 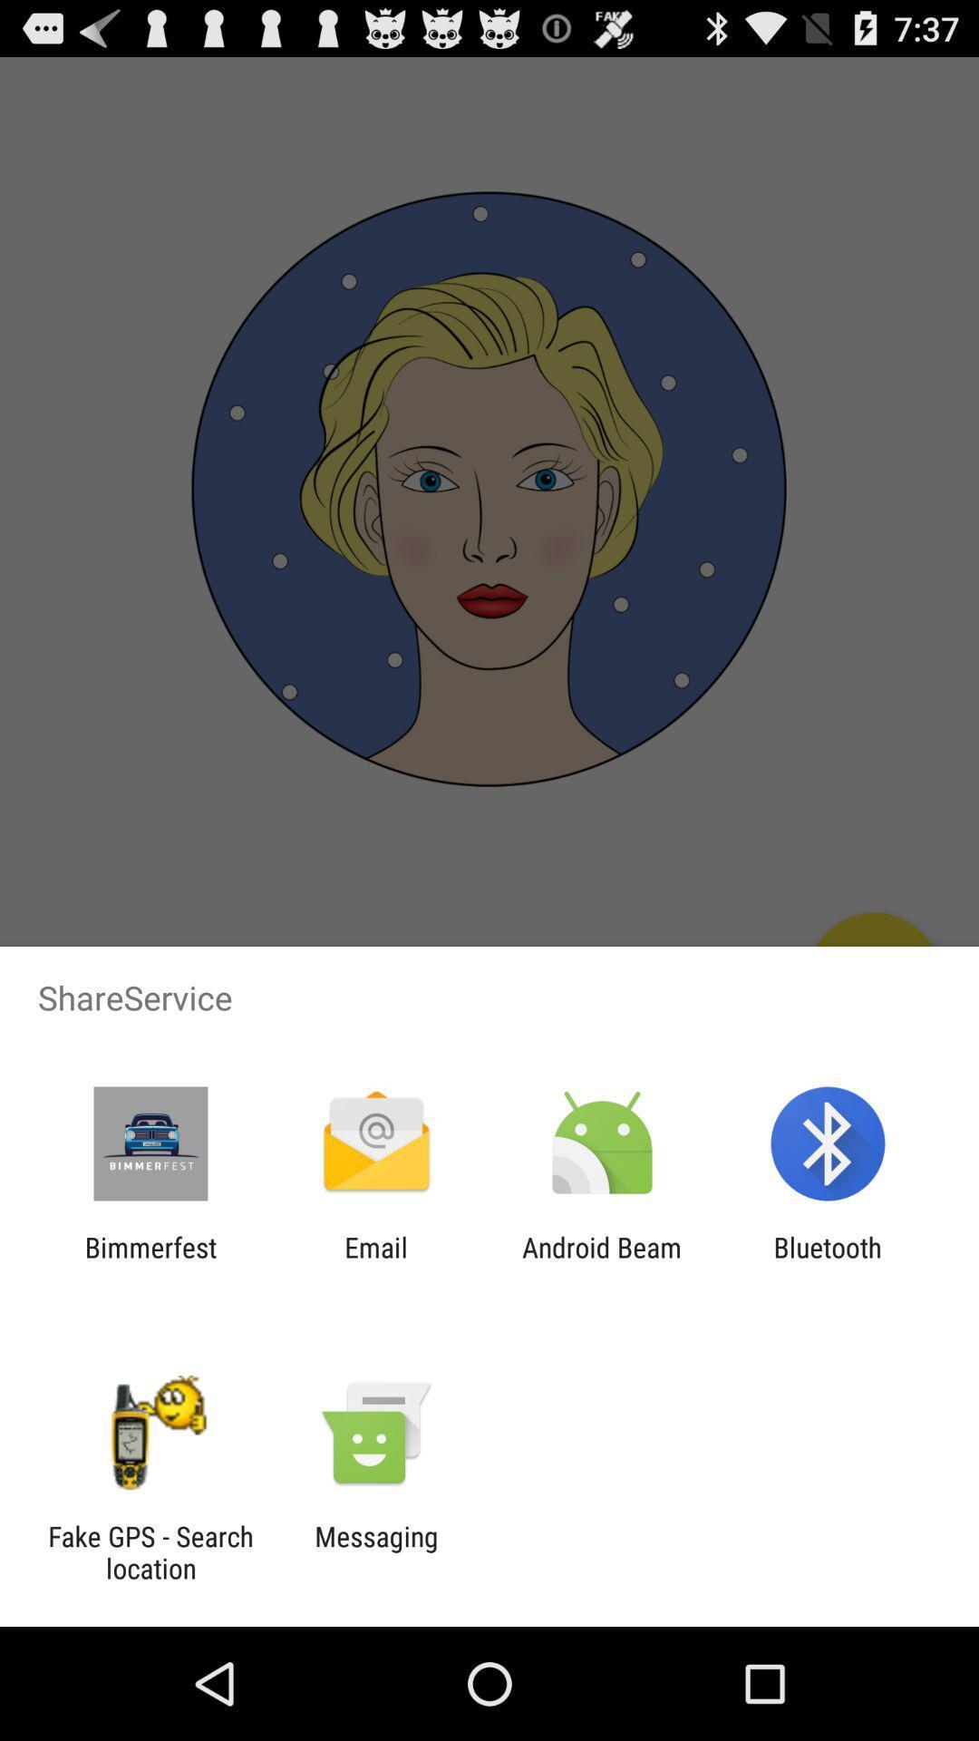 What do you see at coordinates (602, 1262) in the screenshot?
I see `icon to the right of the email icon` at bounding box center [602, 1262].